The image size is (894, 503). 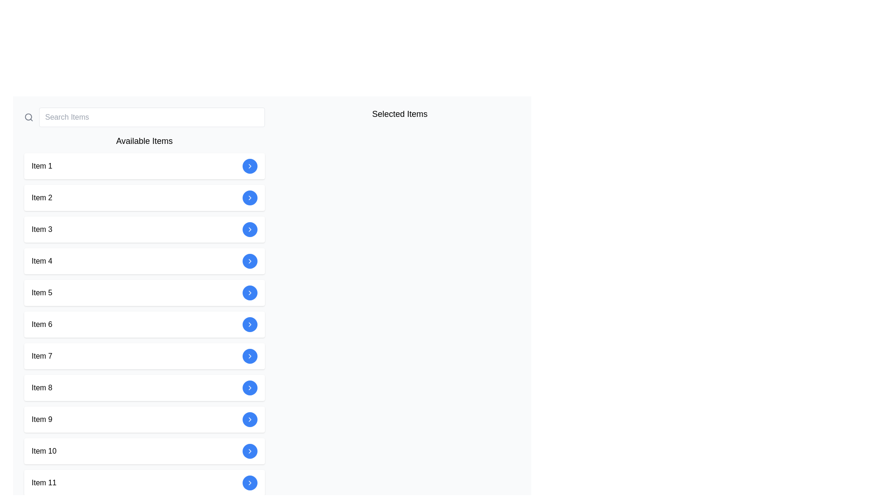 I want to click on the blue circular button with a white arrow on the right side of the List Item labeled 'Item 7' to proceed, so click(x=144, y=356).